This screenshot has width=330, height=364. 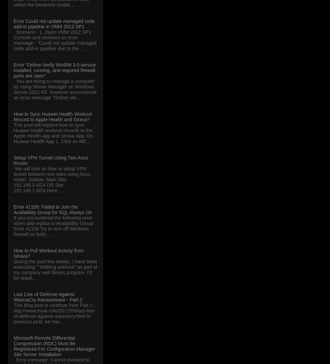 What do you see at coordinates (13, 269) in the screenshot?
I see `'During the past few weeks, I have been exercising " Walking workout" as part of my company well fitness program. I'd be requir...'` at bounding box center [13, 269].